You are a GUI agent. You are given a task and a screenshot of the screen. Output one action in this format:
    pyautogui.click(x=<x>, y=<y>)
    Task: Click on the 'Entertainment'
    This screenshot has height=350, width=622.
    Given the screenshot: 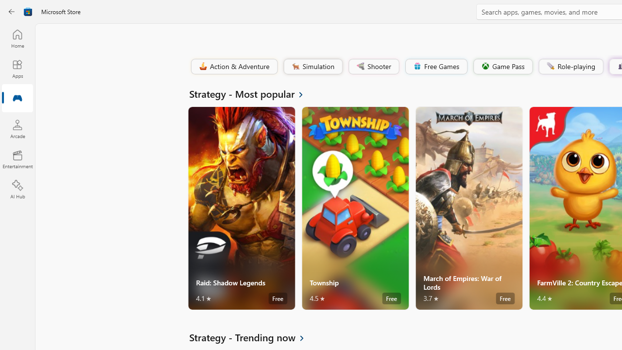 What is the action you would take?
    pyautogui.click(x=17, y=158)
    